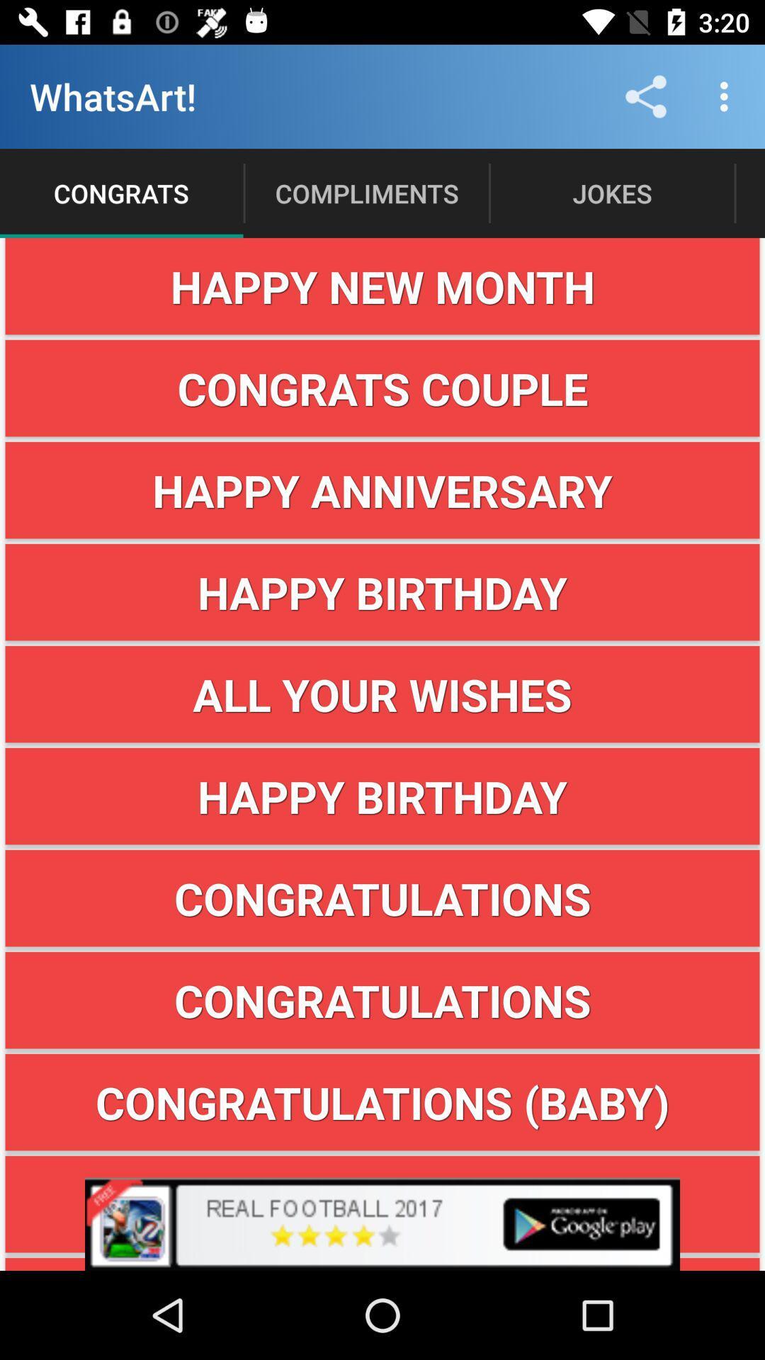  Describe the element at coordinates (382, 1101) in the screenshot. I see `congratulations baby` at that location.